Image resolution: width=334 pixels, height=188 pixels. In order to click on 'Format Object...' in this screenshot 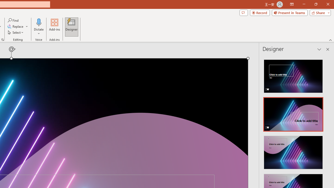, I will do `click(3, 39)`.